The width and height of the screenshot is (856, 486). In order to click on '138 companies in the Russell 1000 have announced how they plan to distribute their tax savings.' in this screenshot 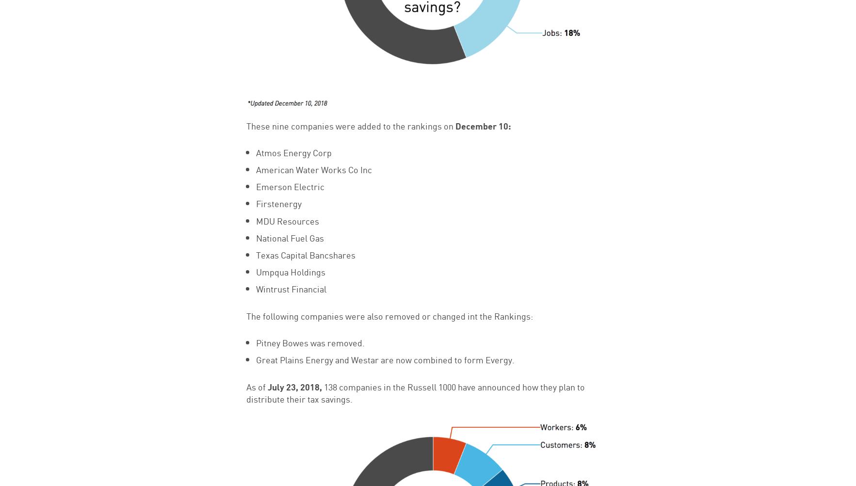, I will do `click(415, 392)`.